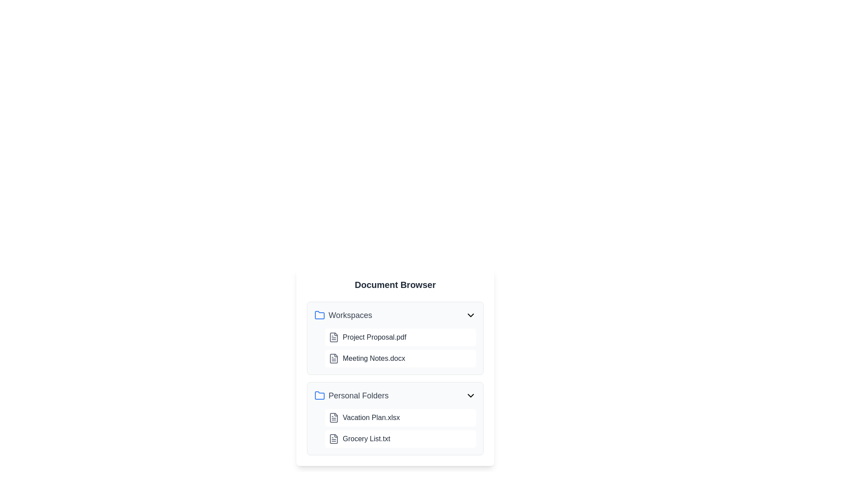  I want to click on the text label displaying the file name 'Project Proposal.pdf', so click(375, 337).